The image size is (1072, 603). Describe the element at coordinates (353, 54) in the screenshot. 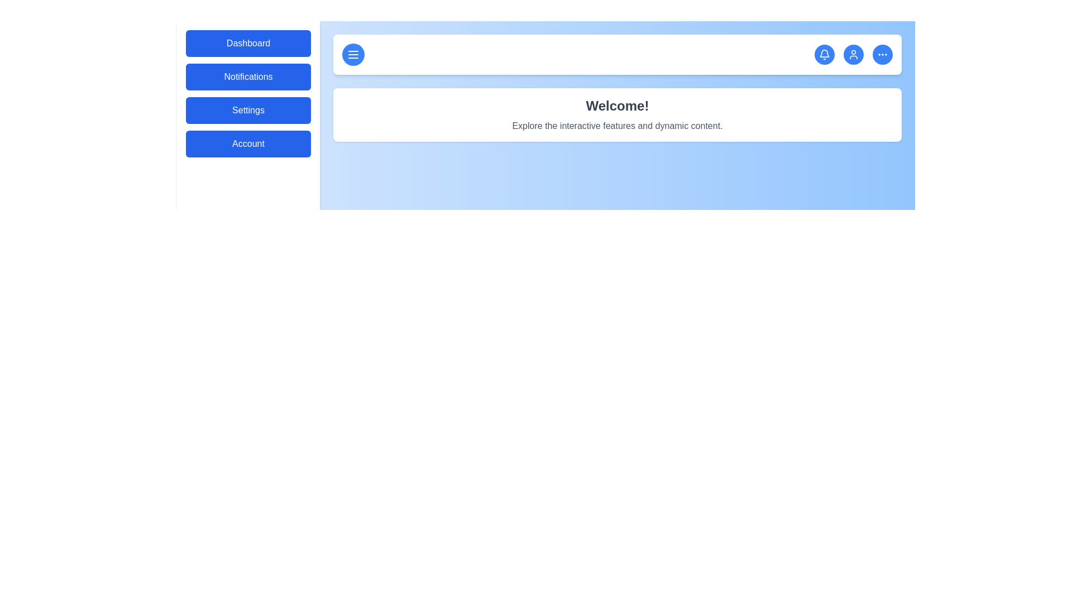

I see `menu button to toggle the sidebar visibility` at that location.